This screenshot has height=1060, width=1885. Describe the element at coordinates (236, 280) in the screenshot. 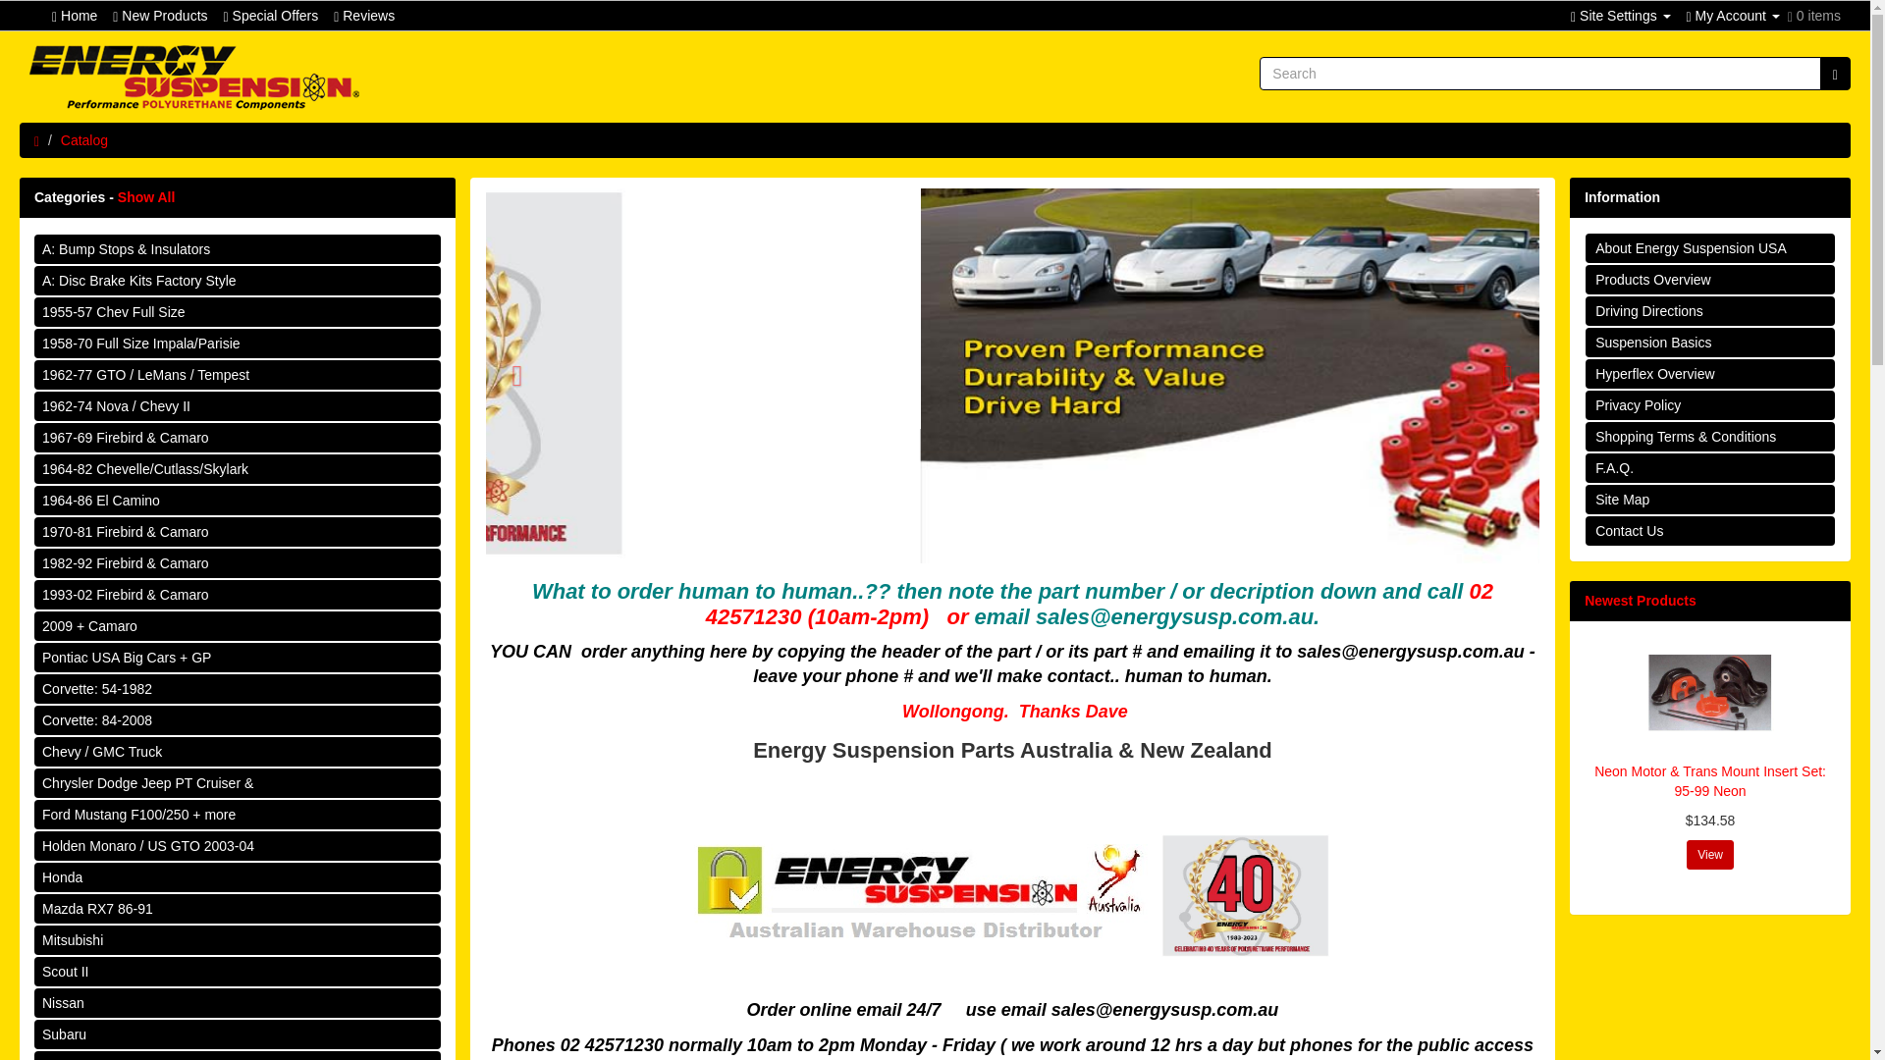

I see `'A: Disc Brake Kits Factory Style'` at that location.